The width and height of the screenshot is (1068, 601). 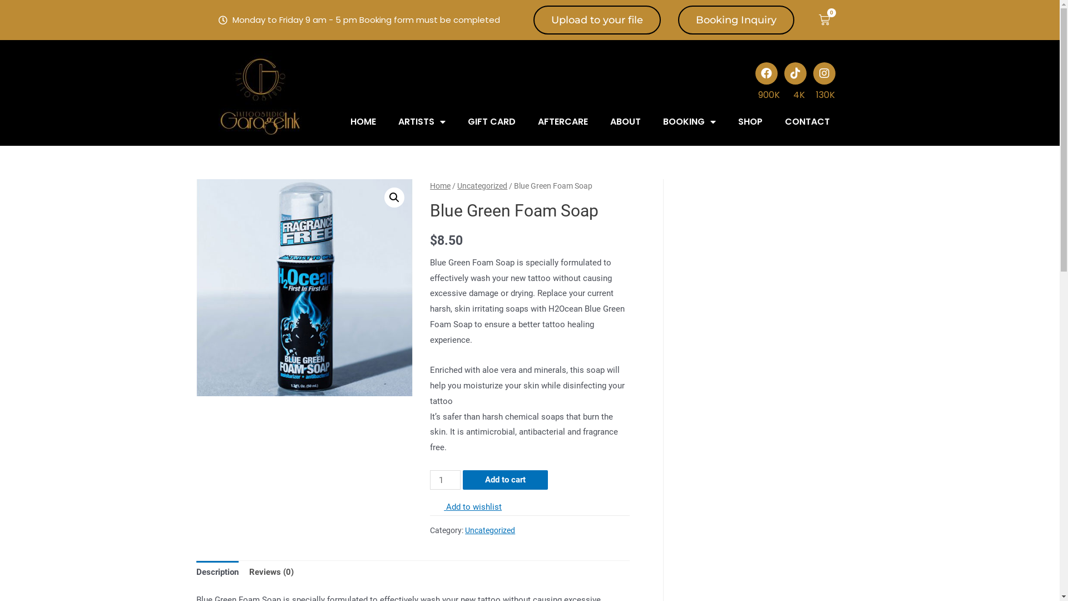 What do you see at coordinates (736, 19) in the screenshot?
I see `'Booking Inquiry'` at bounding box center [736, 19].